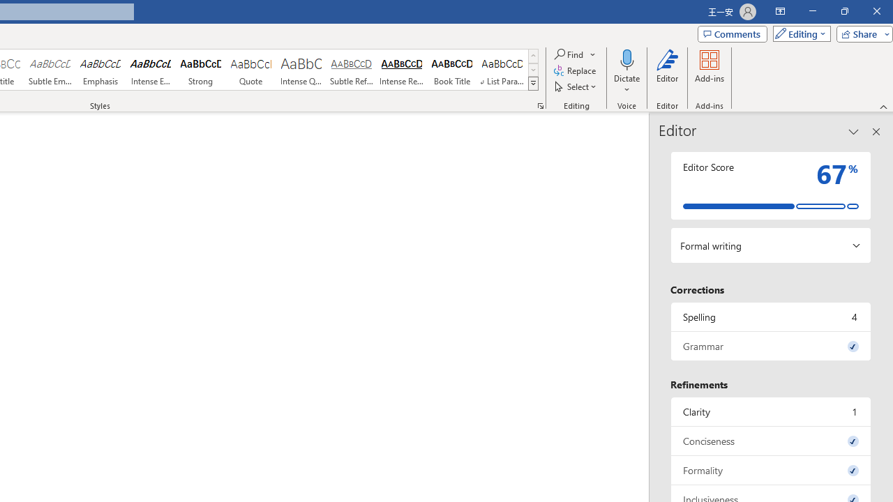  Describe the element at coordinates (798, 33) in the screenshot. I see `'Editing'` at that location.